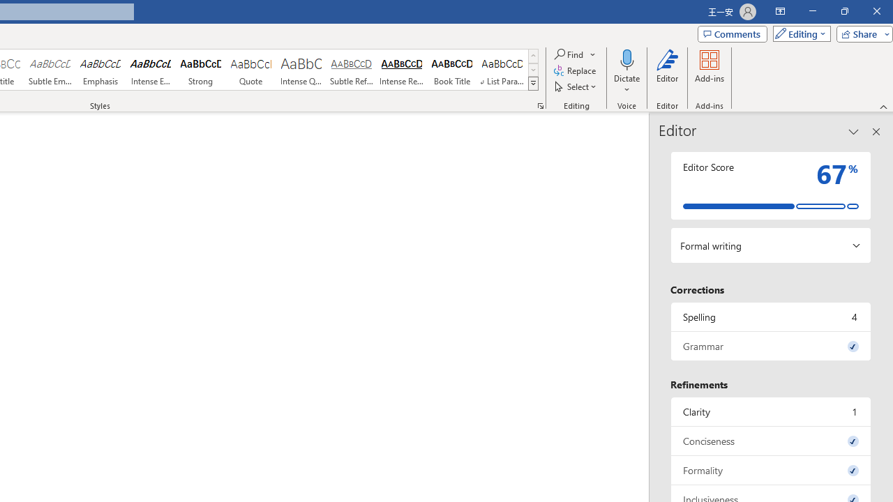  Describe the element at coordinates (798, 33) in the screenshot. I see `'Editing'` at that location.